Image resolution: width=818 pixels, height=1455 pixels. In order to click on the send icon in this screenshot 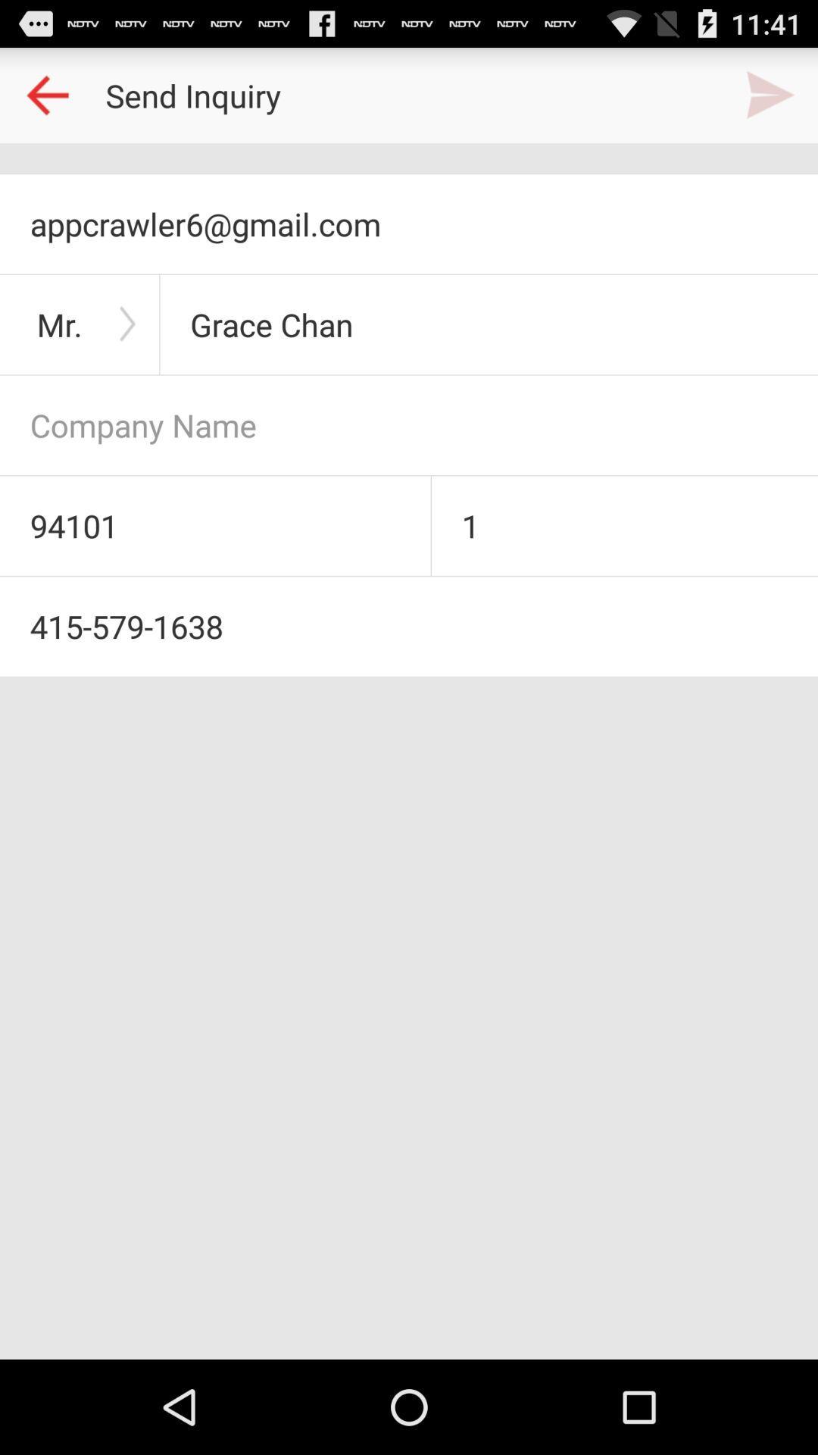, I will do `click(770, 101)`.